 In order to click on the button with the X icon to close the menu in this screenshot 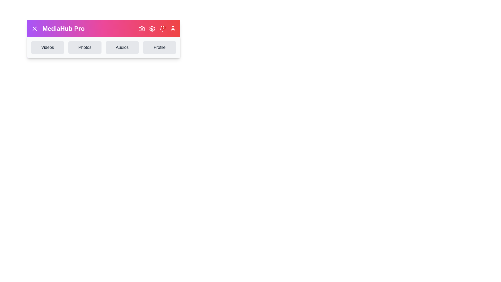, I will do `click(34, 29)`.